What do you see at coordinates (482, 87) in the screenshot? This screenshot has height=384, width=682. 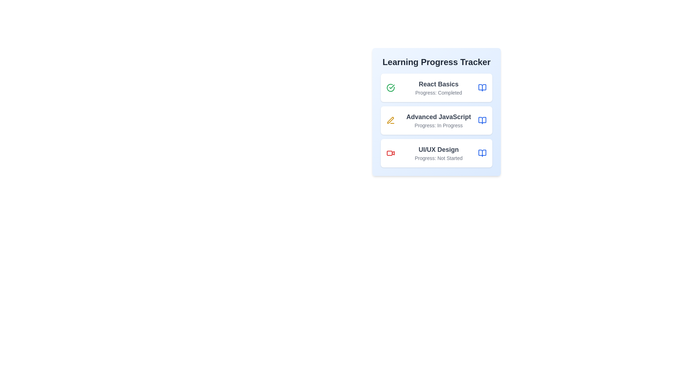 I see `the book icon for the course React Basics to explore its resources` at bounding box center [482, 87].